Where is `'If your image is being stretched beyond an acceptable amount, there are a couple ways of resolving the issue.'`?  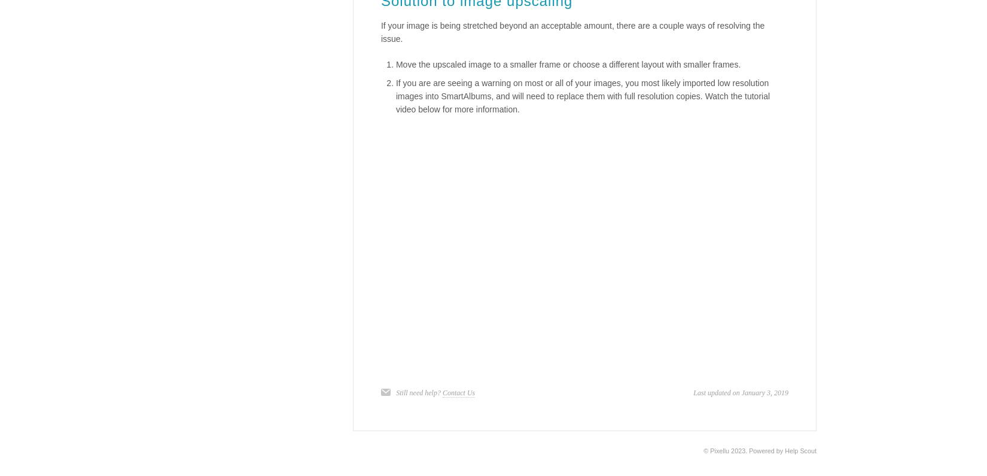
'If your image is being stretched beyond an acceptable amount, there are a couple ways of resolving the issue.' is located at coordinates (572, 32).